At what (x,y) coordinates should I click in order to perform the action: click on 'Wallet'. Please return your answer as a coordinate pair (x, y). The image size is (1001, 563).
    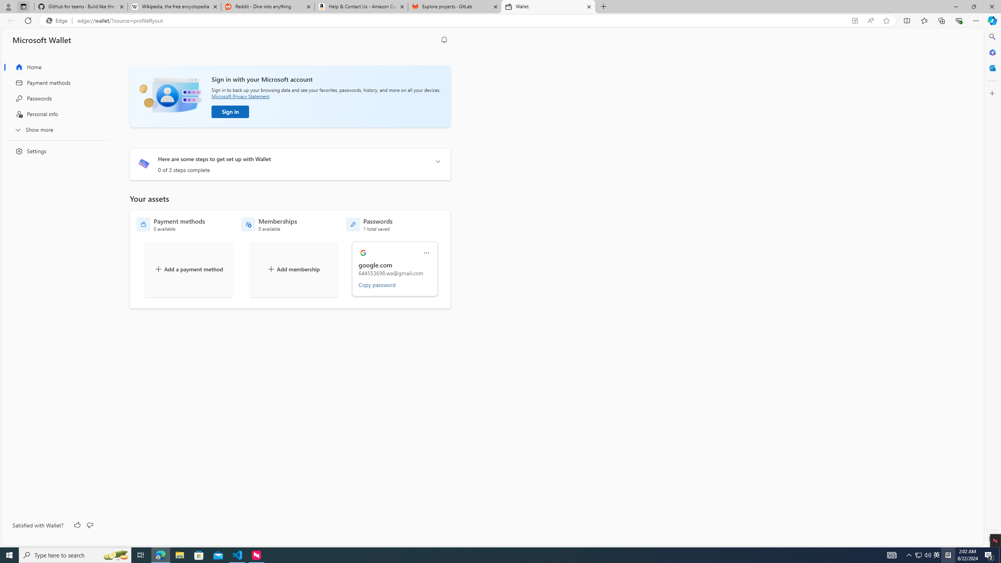
    Looking at the image, I should click on (548, 6).